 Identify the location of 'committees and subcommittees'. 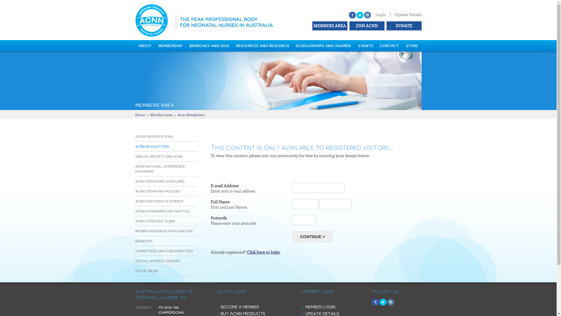
(164, 250).